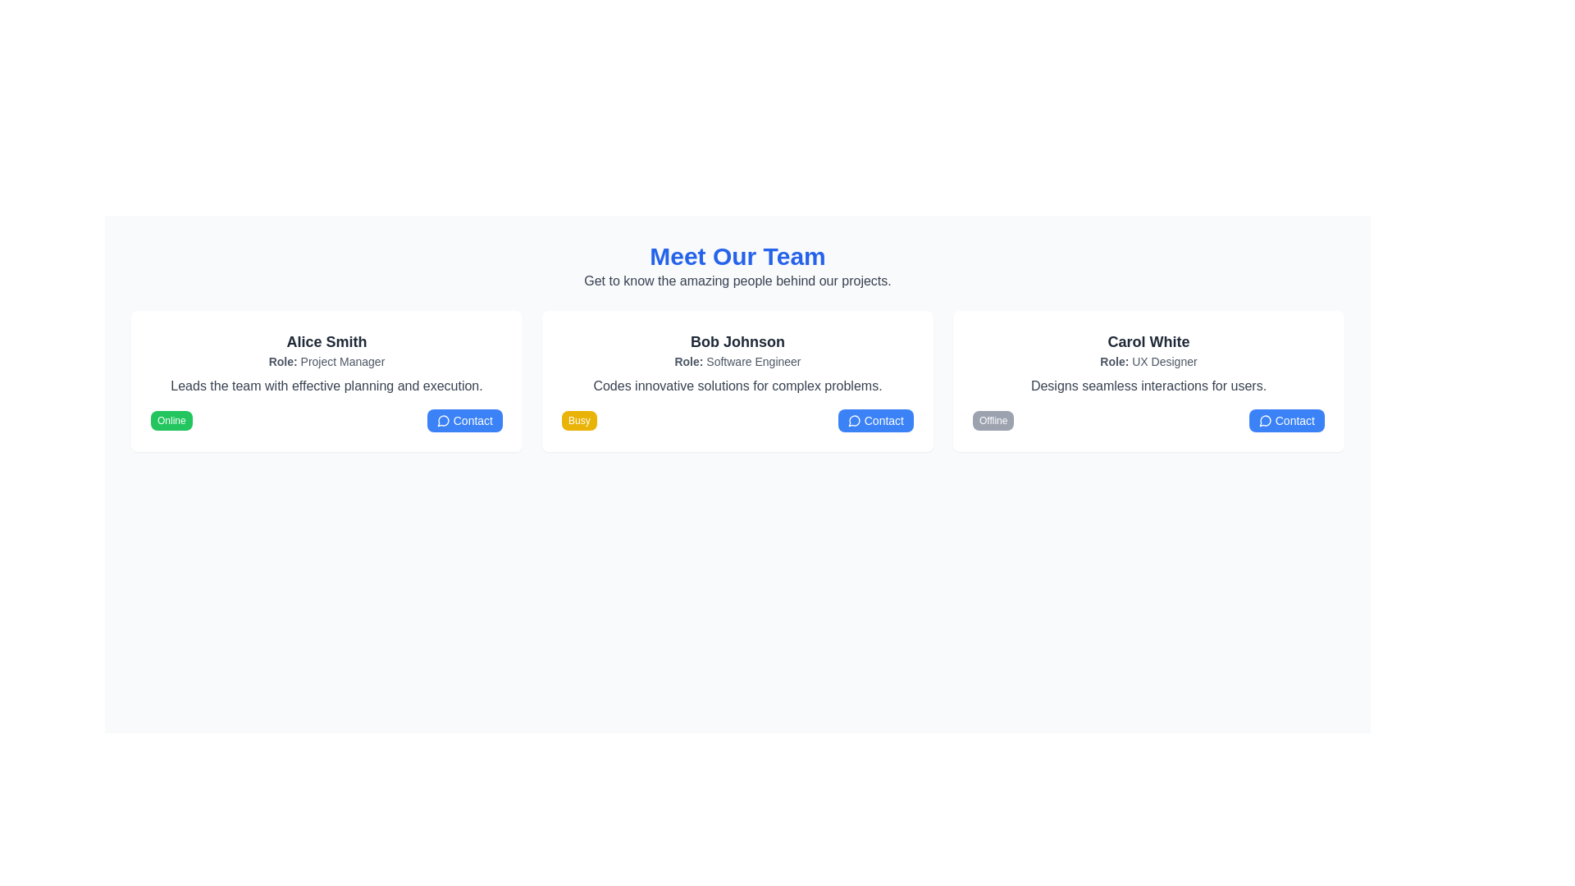  I want to click on the Text Label that displays the name of the individual in the rightmost card of three horizontal cards, so click(1148, 340).